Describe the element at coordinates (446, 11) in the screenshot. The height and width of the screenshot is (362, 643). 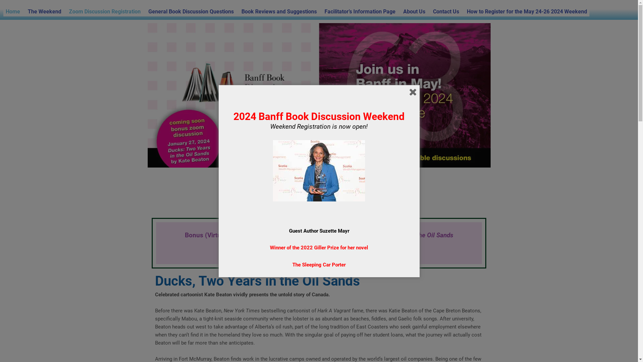
I see `'Contact Us'` at that location.